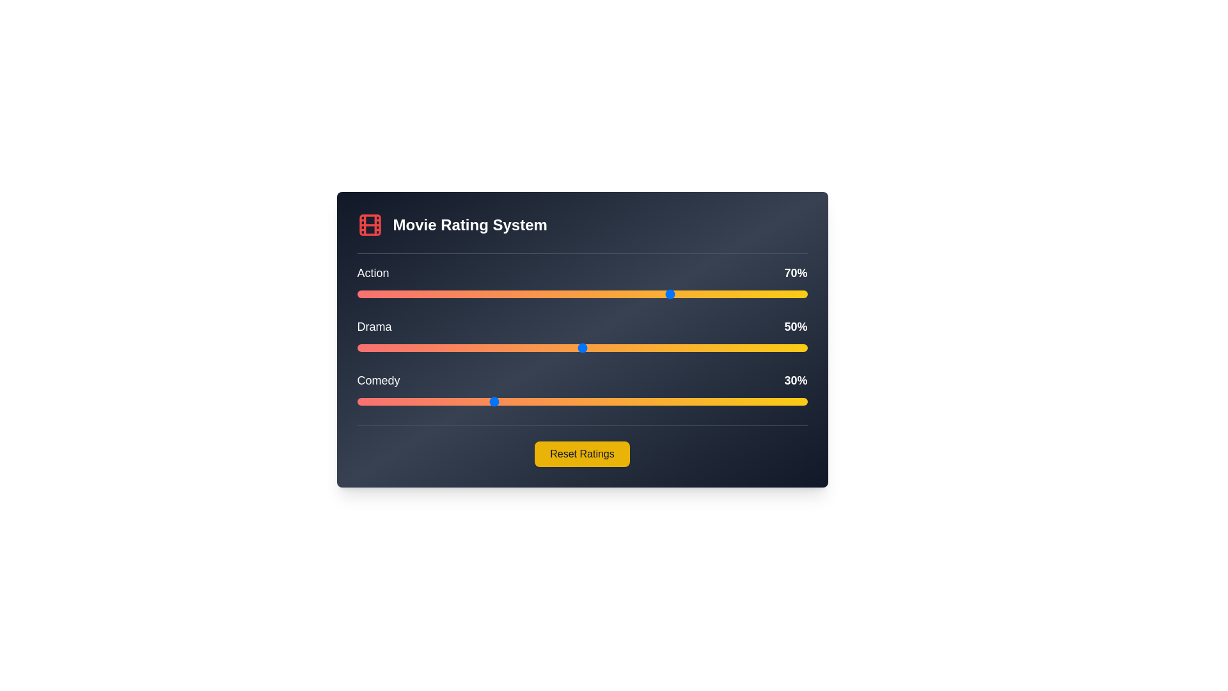 Image resolution: width=1228 pixels, height=691 pixels. Describe the element at coordinates (645, 347) in the screenshot. I see `the Drama genre rating to 64% by adjusting the slider` at that location.